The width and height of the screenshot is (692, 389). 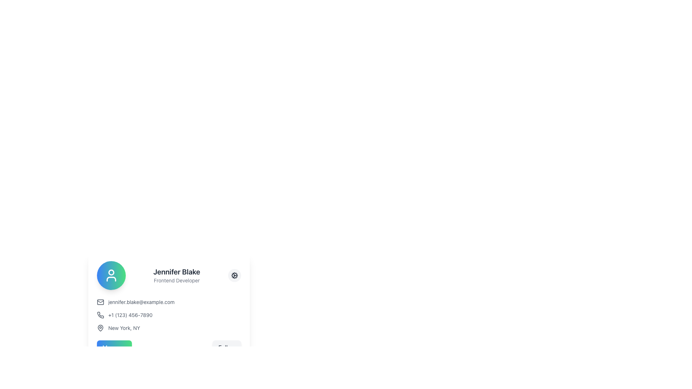 What do you see at coordinates (168, 315) in the screenshot?
I see `the phone number '+1 (123) 456-7890' to initiate a call` at bounding box center [168, 315].